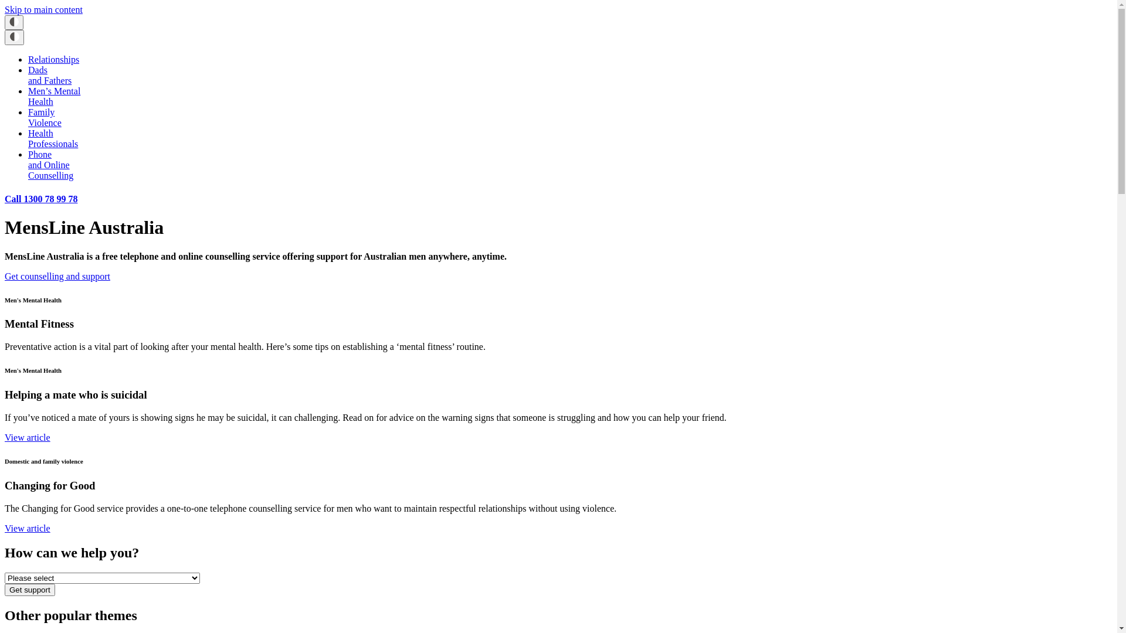 Image resolution: width=1126 pixels, height=633 pixels. I want to click on 'View article', so click(28, 527).